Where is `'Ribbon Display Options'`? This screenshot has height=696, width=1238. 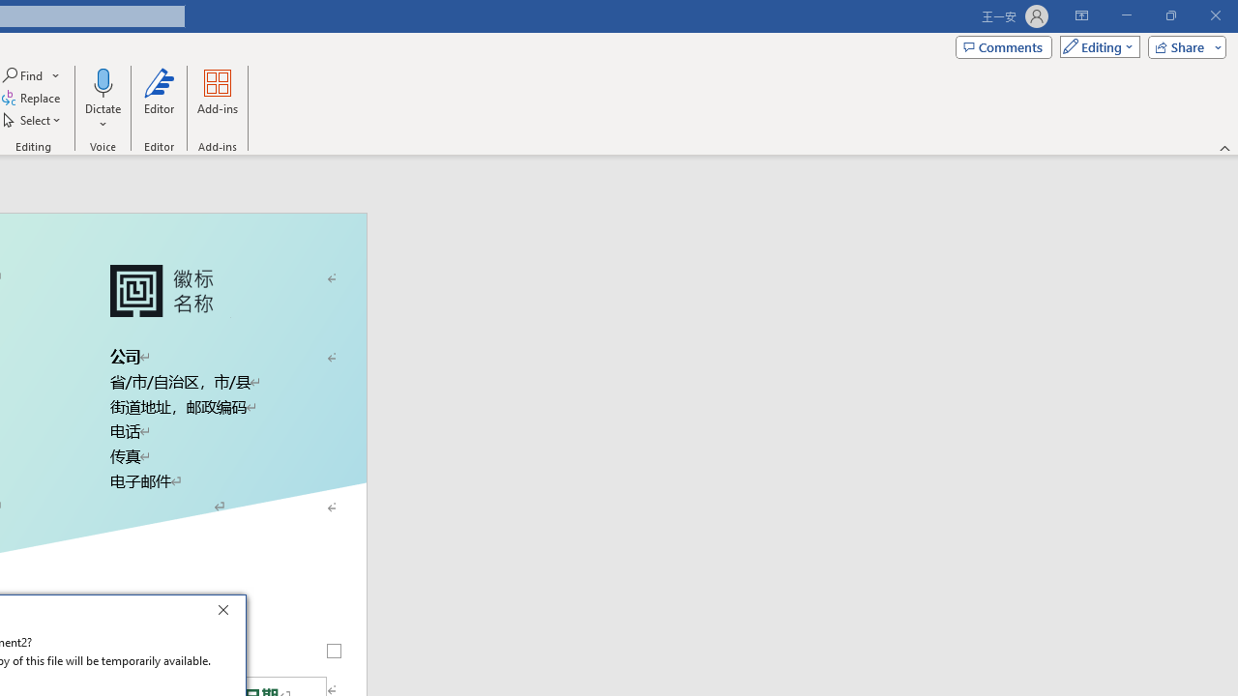
'Ribbon Display Options' is located at coordinates (1080, 15).